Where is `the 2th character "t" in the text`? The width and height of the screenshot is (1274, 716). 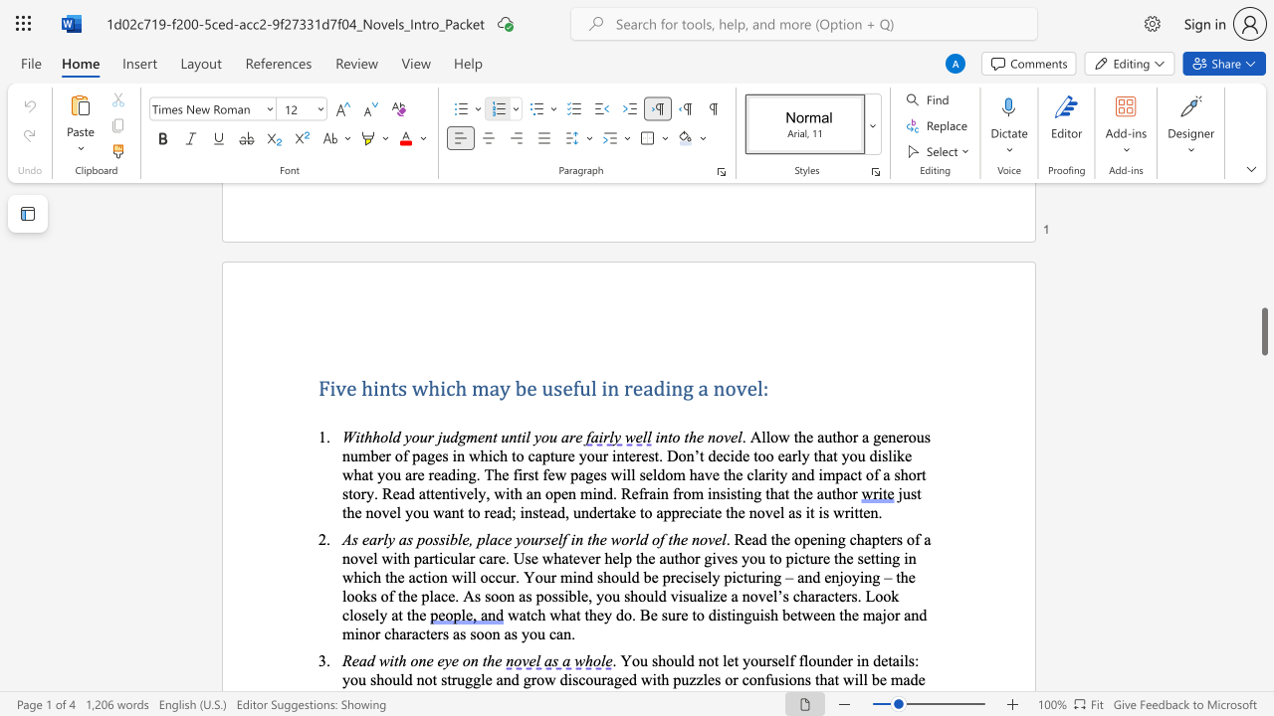
the 2th character "t" in the text is located at coordinates (577, 614).